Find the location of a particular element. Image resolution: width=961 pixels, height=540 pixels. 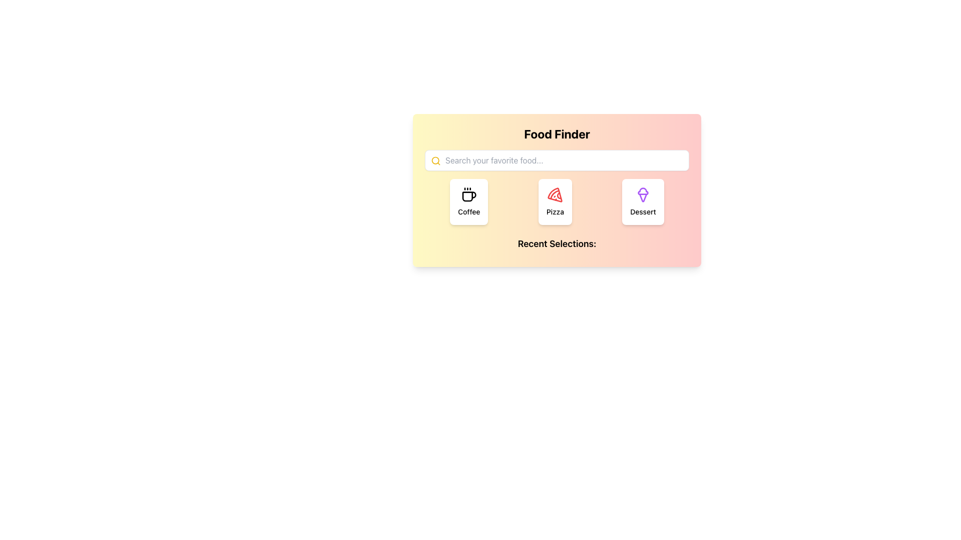

the button representing the desserts category, which is the third button in a horizontal alignment with 'Coffee' and 'Pizza', located far-right is located at coordinates (643, 202).